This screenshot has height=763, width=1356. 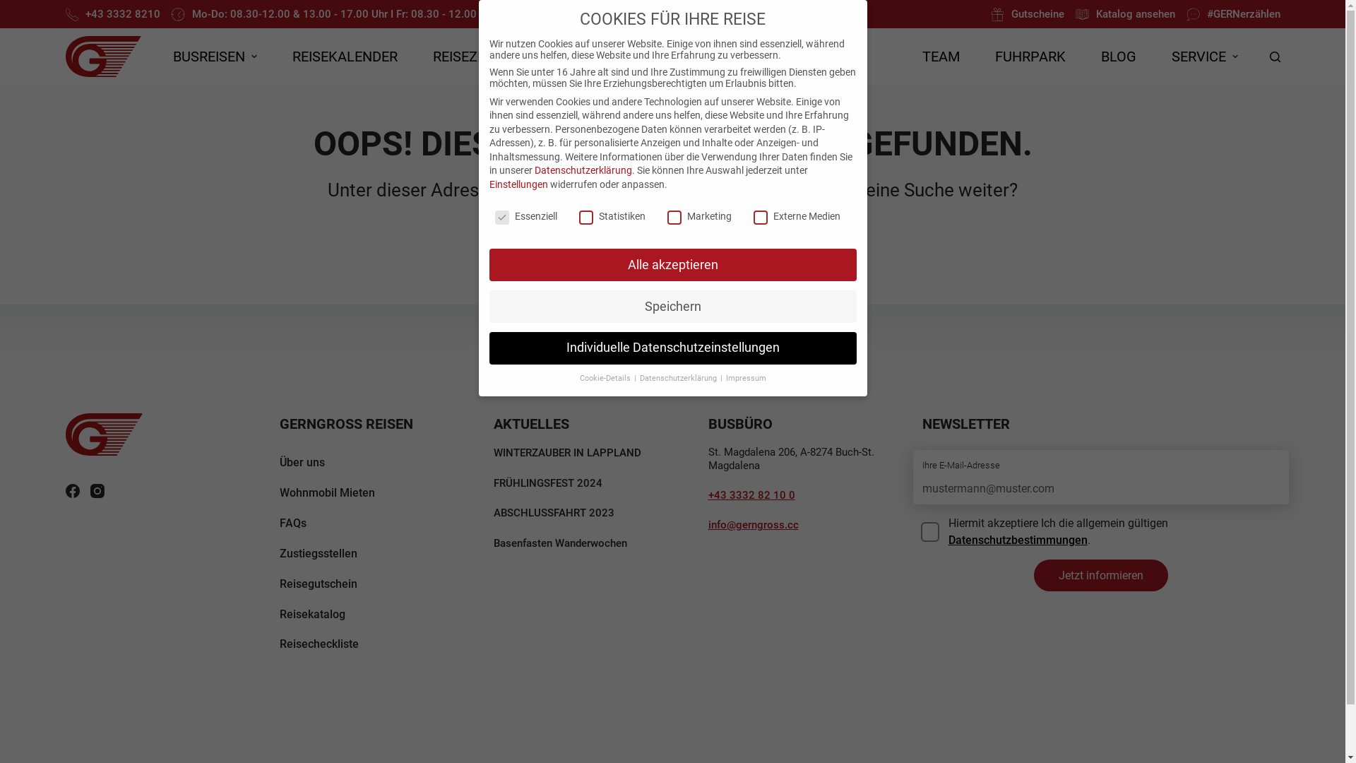 I want to click on 'Wohnmobil Mieten', so click(x=326, y=492).